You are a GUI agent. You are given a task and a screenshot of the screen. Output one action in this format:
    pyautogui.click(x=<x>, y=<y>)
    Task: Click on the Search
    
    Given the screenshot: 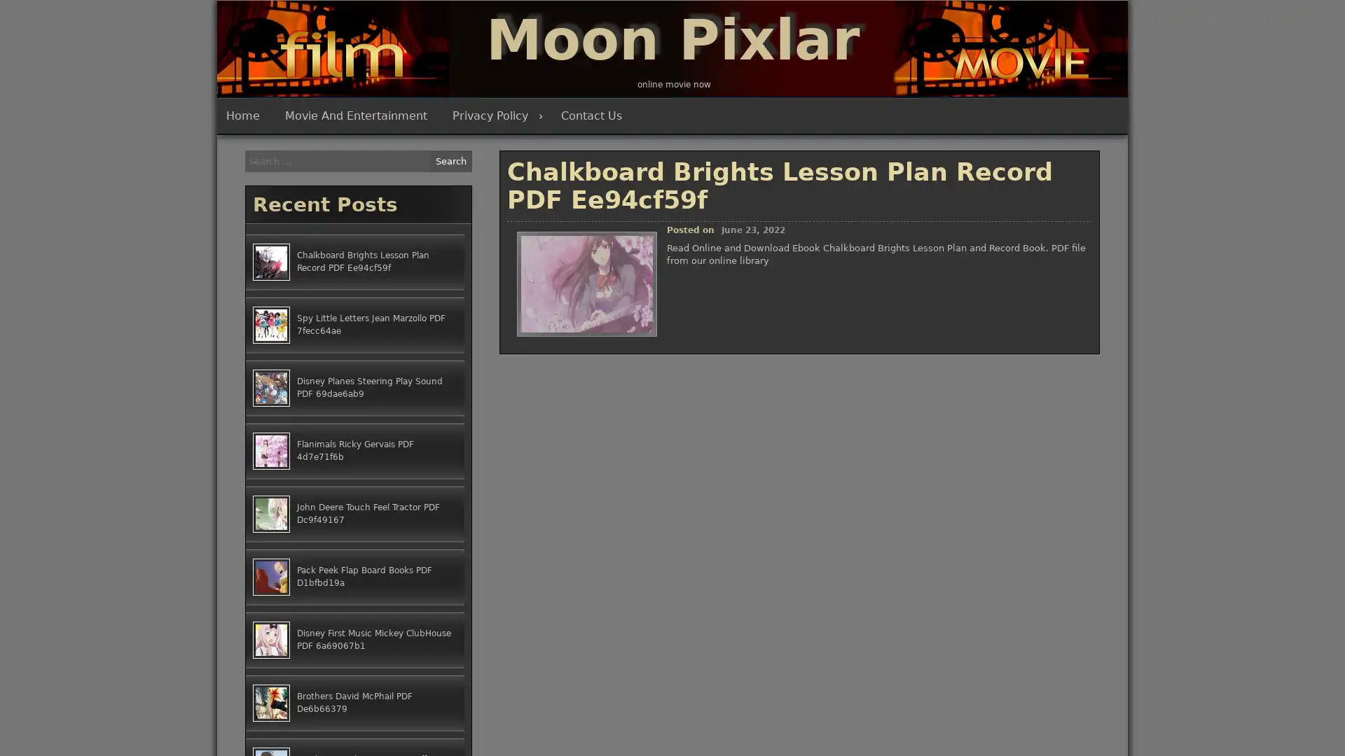 What is the action you would take?
    pyautogui.click(x=450, y=160)
    